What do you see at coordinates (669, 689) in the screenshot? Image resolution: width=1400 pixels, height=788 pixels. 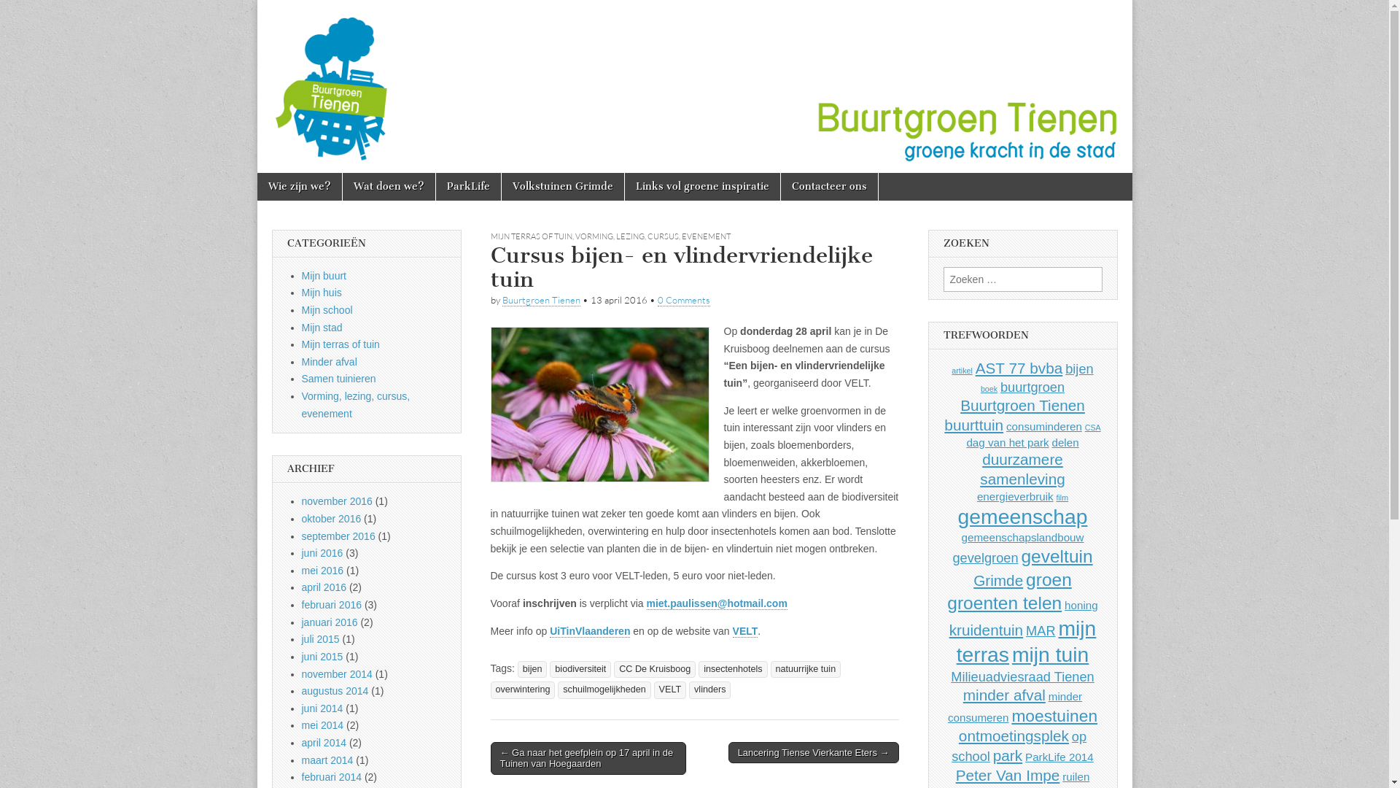 I see `'VELT'` at bounding box center [669, 689].